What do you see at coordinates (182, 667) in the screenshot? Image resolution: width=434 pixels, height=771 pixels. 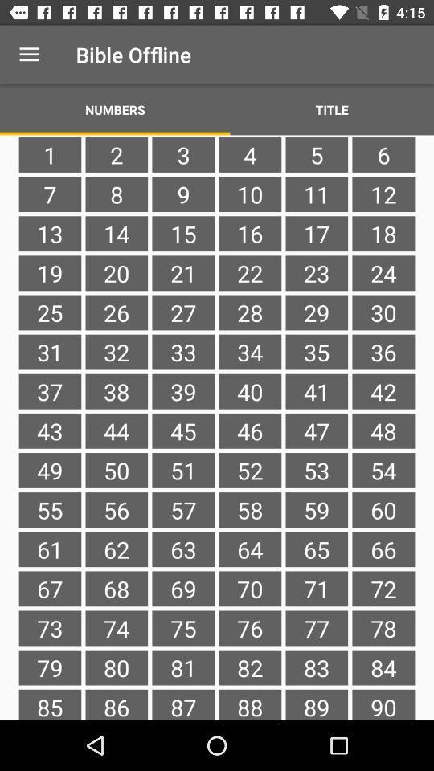 I see `the item below the 74 icon` at bounding box center [182, 667].